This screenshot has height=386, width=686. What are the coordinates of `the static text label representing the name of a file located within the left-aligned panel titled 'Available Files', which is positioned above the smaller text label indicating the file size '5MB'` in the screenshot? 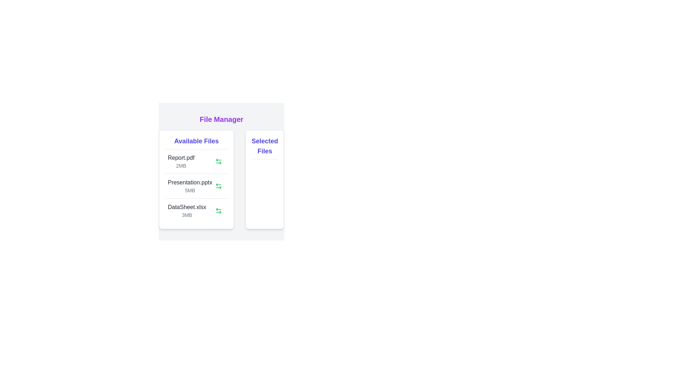 It's located at (190, 182).